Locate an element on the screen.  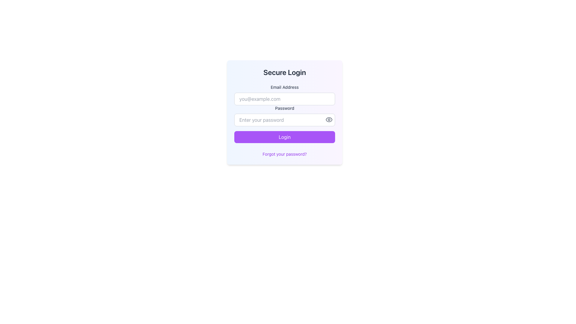
the hyperlink located directly below the 'Login' button is located at coordinates (284, 154).